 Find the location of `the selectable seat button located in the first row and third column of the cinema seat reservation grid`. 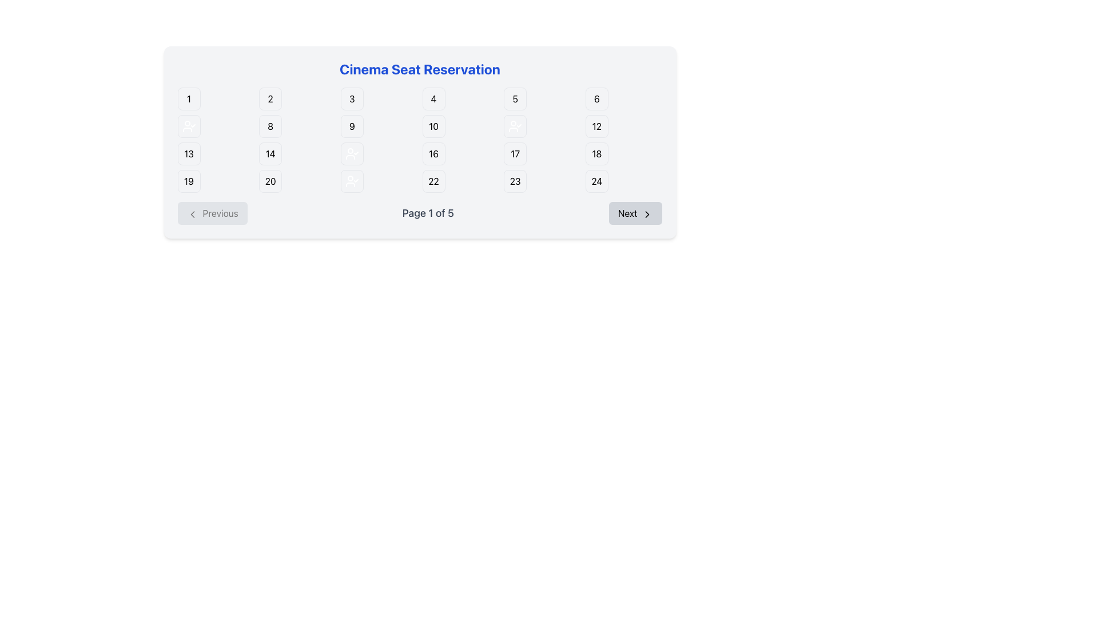

the selectable seat button located in the first row and third column of the cinema seat reservation grid is located at coordinates (351, 98).